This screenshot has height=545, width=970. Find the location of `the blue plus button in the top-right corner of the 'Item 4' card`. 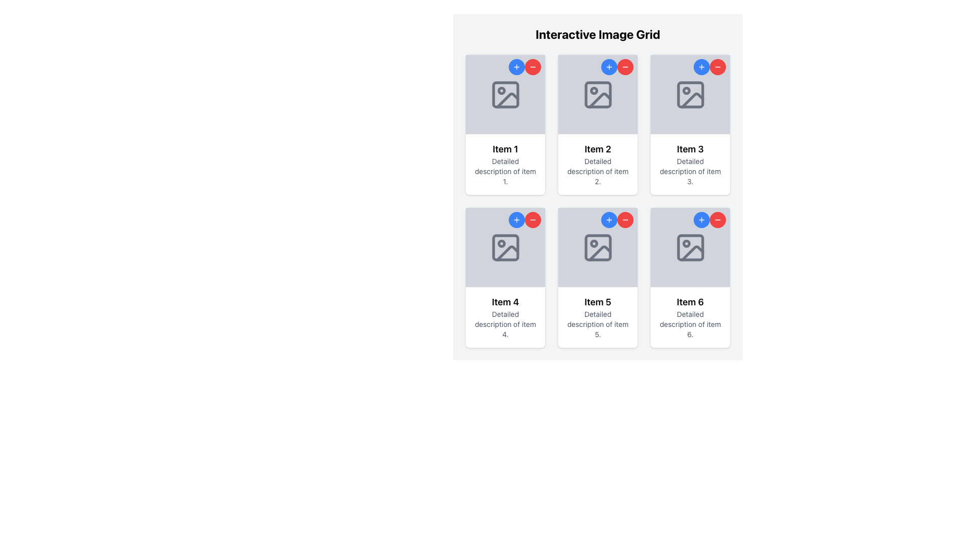

the blue plus button in the top-right corner of the 'Item 4' card is located at coordinates (524, 219).